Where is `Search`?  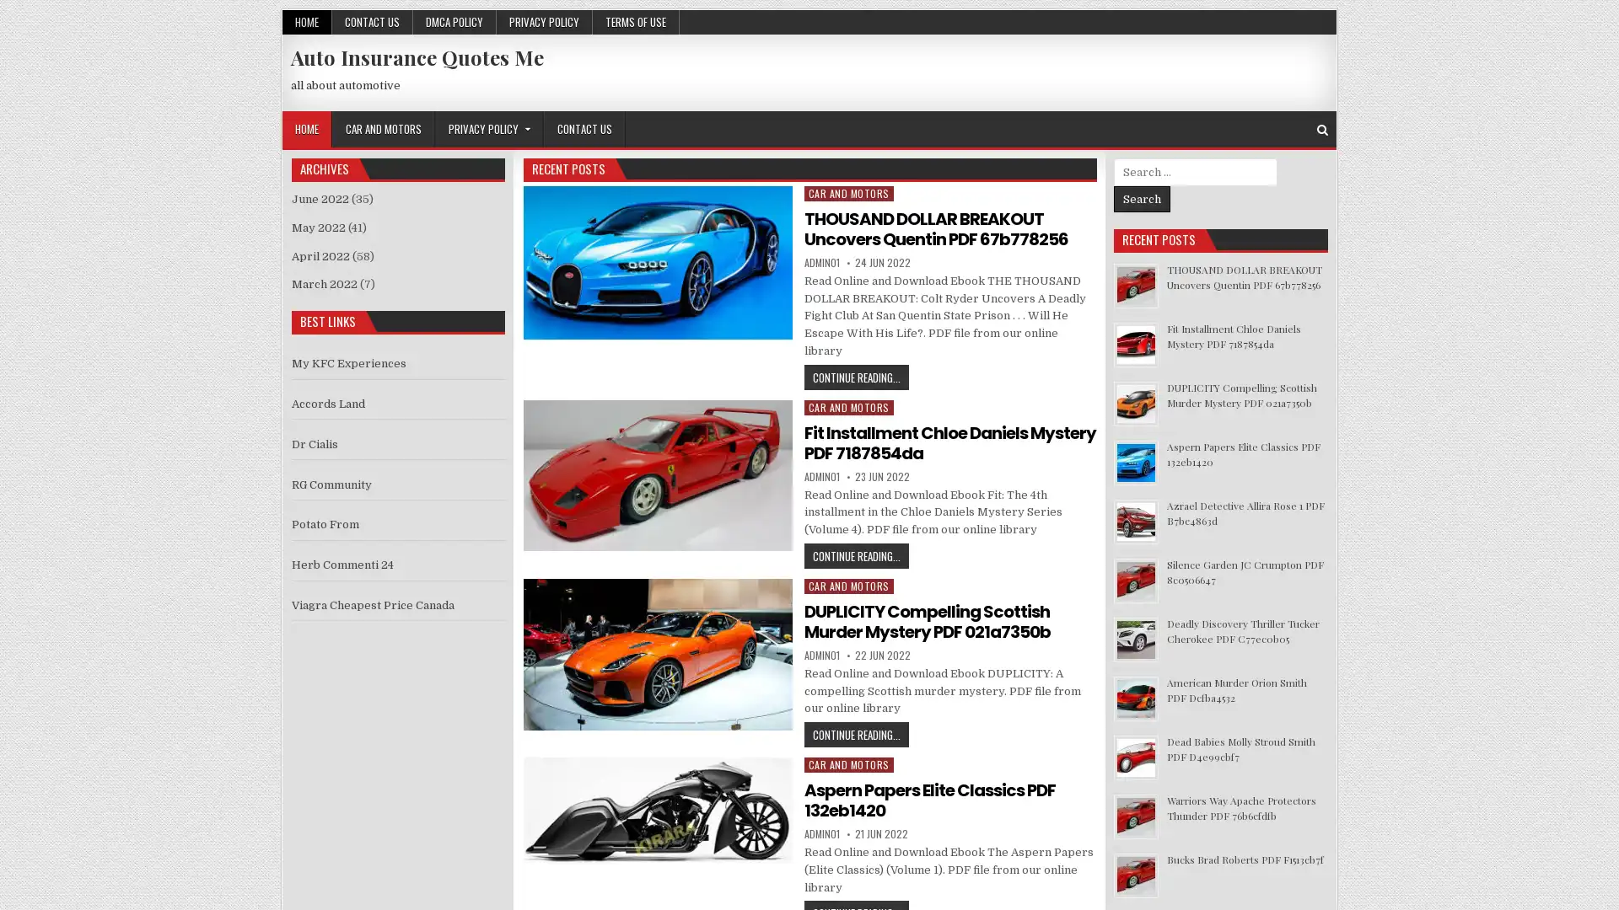 Search is located at coordinates (1142, 198).